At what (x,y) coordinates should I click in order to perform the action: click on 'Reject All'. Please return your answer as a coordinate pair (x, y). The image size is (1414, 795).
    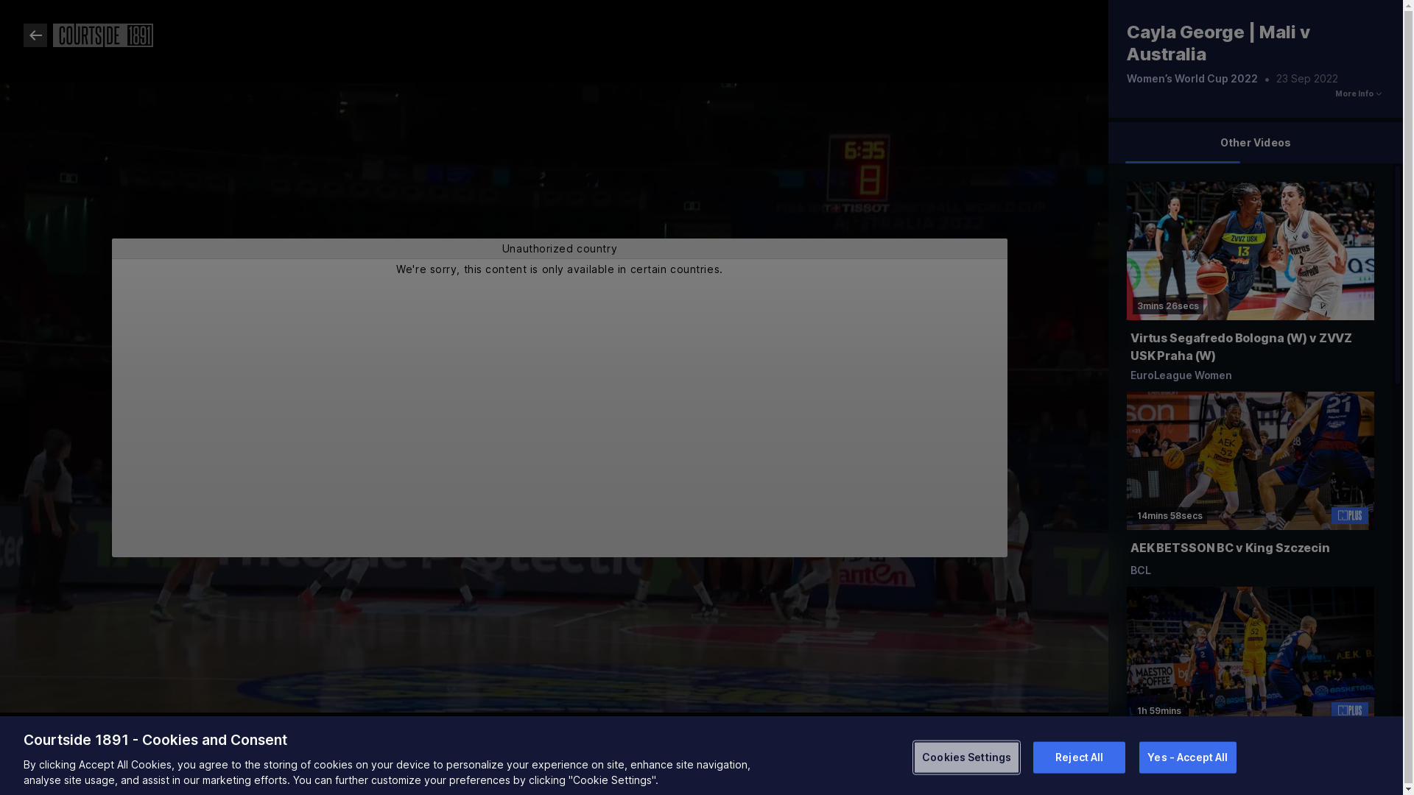
    Looking at the image, I should click on (1079, 757).